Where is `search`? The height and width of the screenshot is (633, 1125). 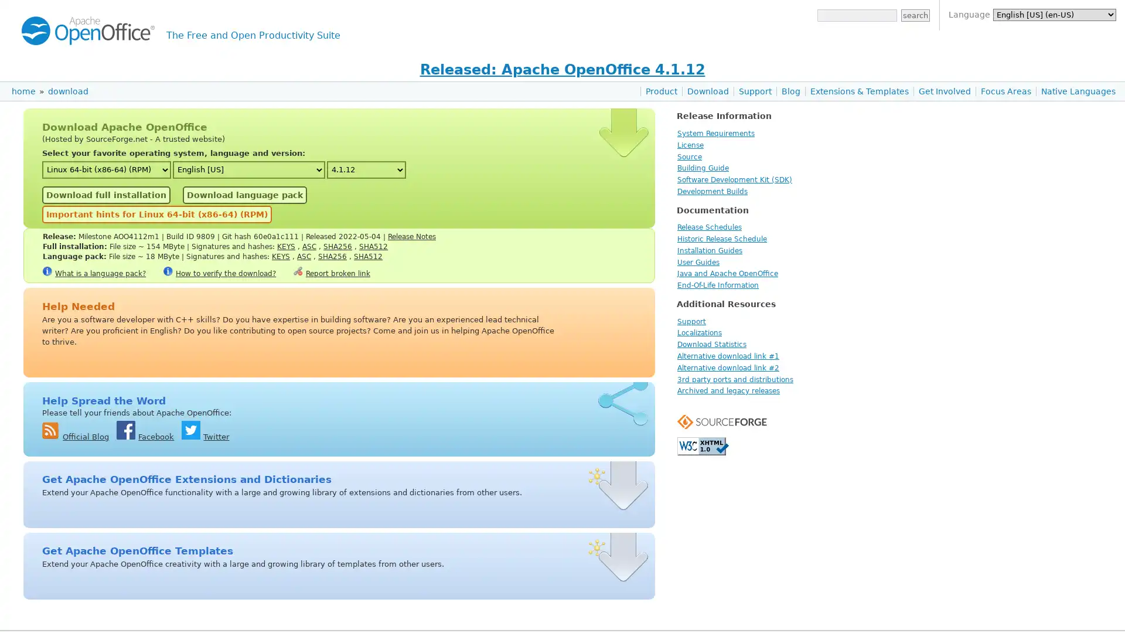 search is located at coordinates (915, 15).